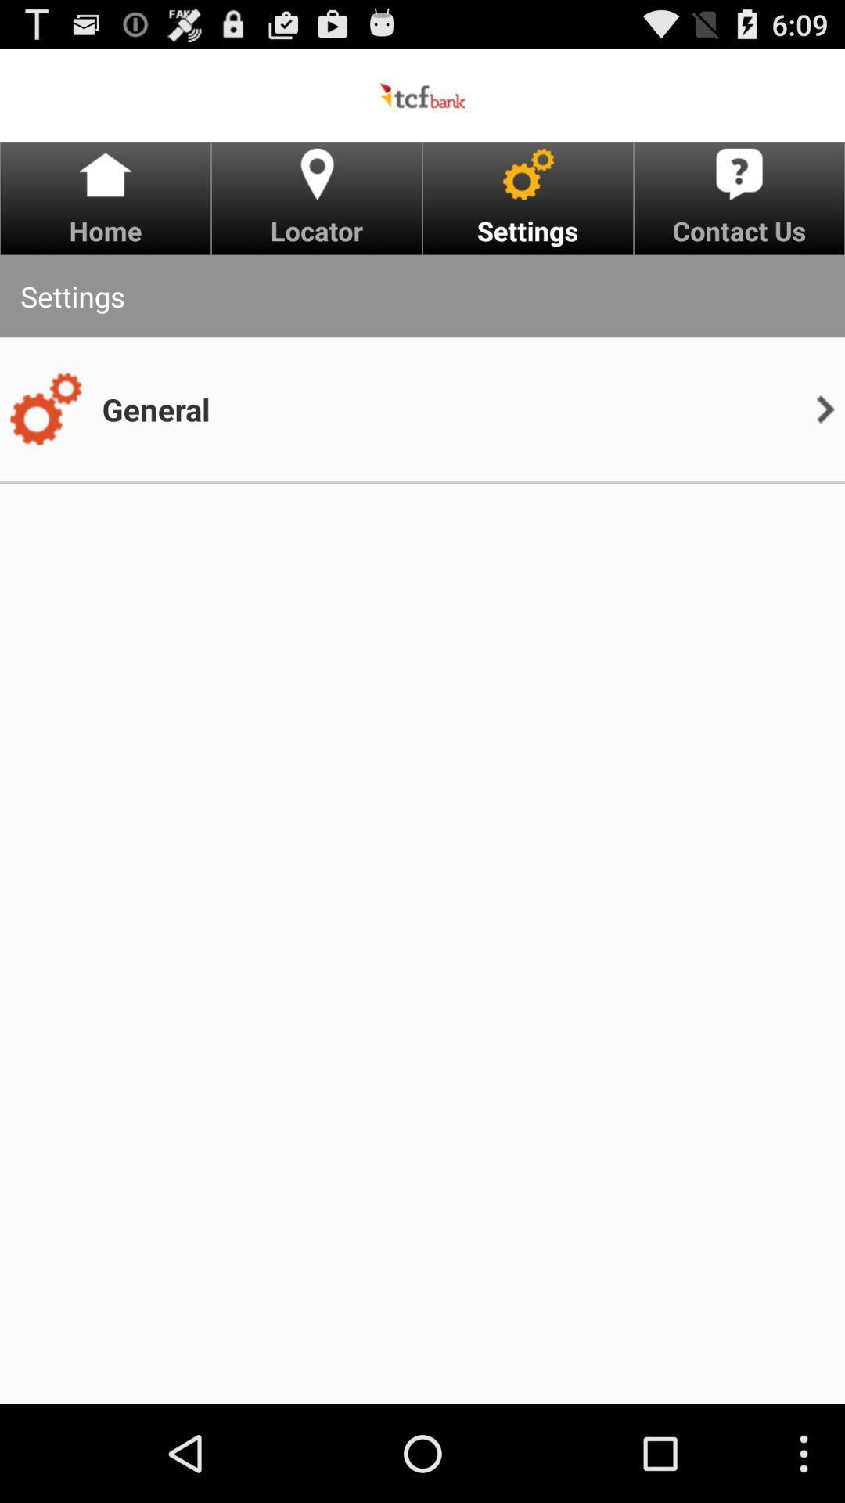 This screenshot has height=1503, width=845. What do you see at coordinates (45, 409) in the screenshot?
I see `item to the left of general icon` at bounding box center [45, 409].